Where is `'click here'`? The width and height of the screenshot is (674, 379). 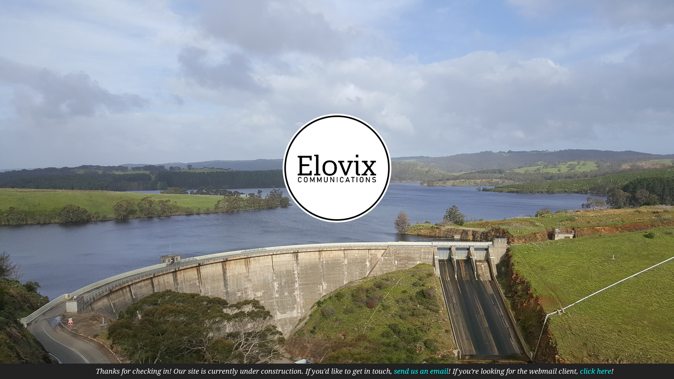 'click here' is located at coordinates (595, 371).